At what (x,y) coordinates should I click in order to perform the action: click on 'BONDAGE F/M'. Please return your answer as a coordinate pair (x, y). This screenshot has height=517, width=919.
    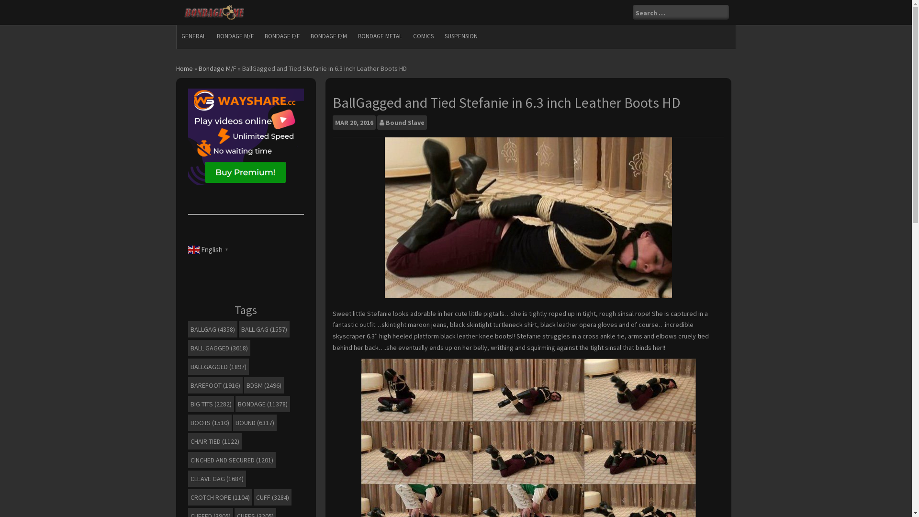
    Looking at the image, I should click on (305, 36).